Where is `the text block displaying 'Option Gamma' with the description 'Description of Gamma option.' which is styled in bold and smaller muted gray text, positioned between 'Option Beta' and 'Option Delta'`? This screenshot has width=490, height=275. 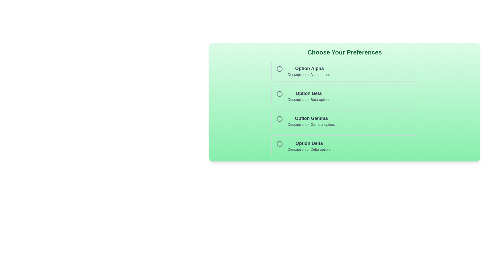 the text block displaying 'Option Gamma' with the description 'Description of Gamma option.' which is styled in bold and smaller muted gray text, positioned between 'Option Beta' and 'Option Delta' is located at coordinates (311, 121).